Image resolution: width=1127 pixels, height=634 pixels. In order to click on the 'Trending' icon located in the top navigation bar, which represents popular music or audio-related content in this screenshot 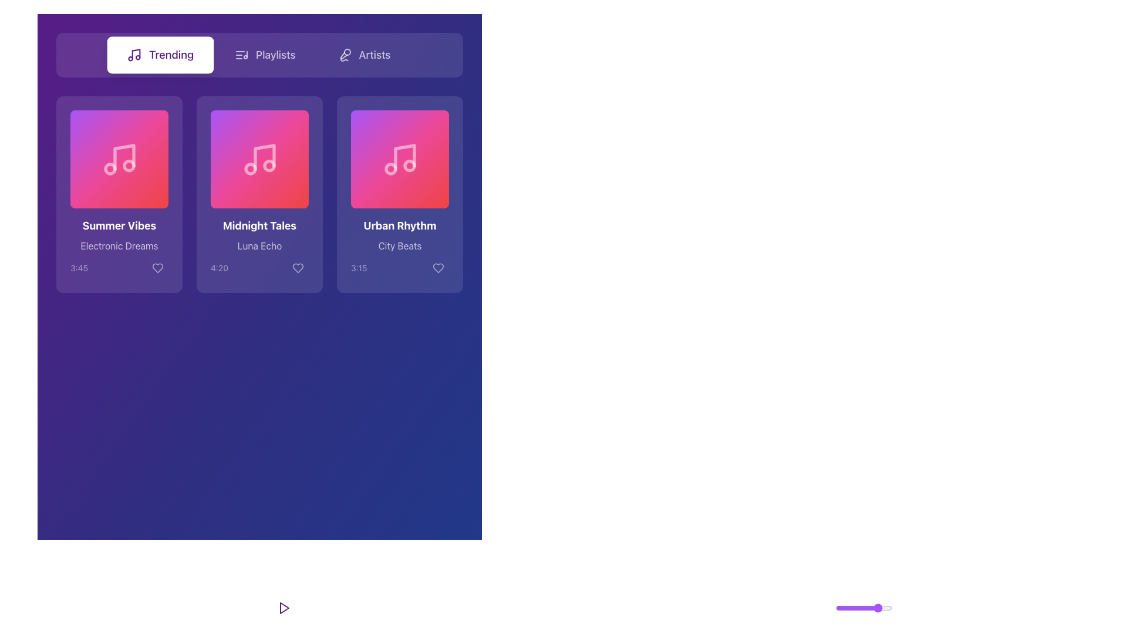, I will do `click(134, 55)`.